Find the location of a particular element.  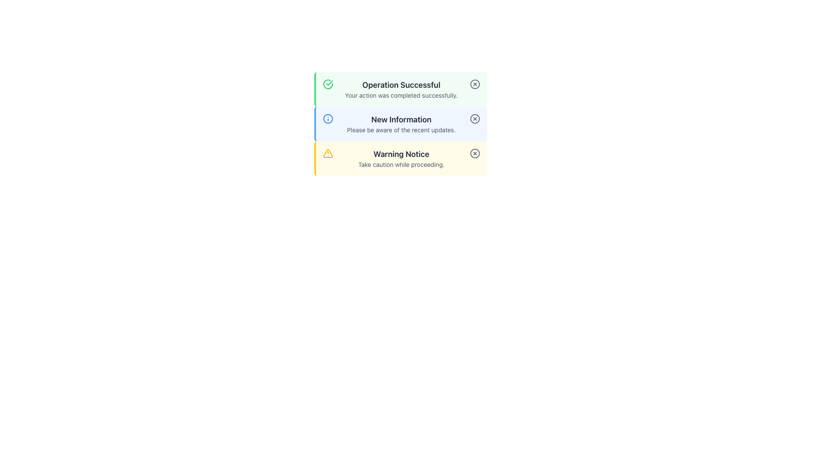

the Notification Message that has a green theme, featuring a green checkmark icon, bold title text 'Operation Successful', and a smaller subtext 'Your action was completed successfully.' is located at coordinates (400, 90).